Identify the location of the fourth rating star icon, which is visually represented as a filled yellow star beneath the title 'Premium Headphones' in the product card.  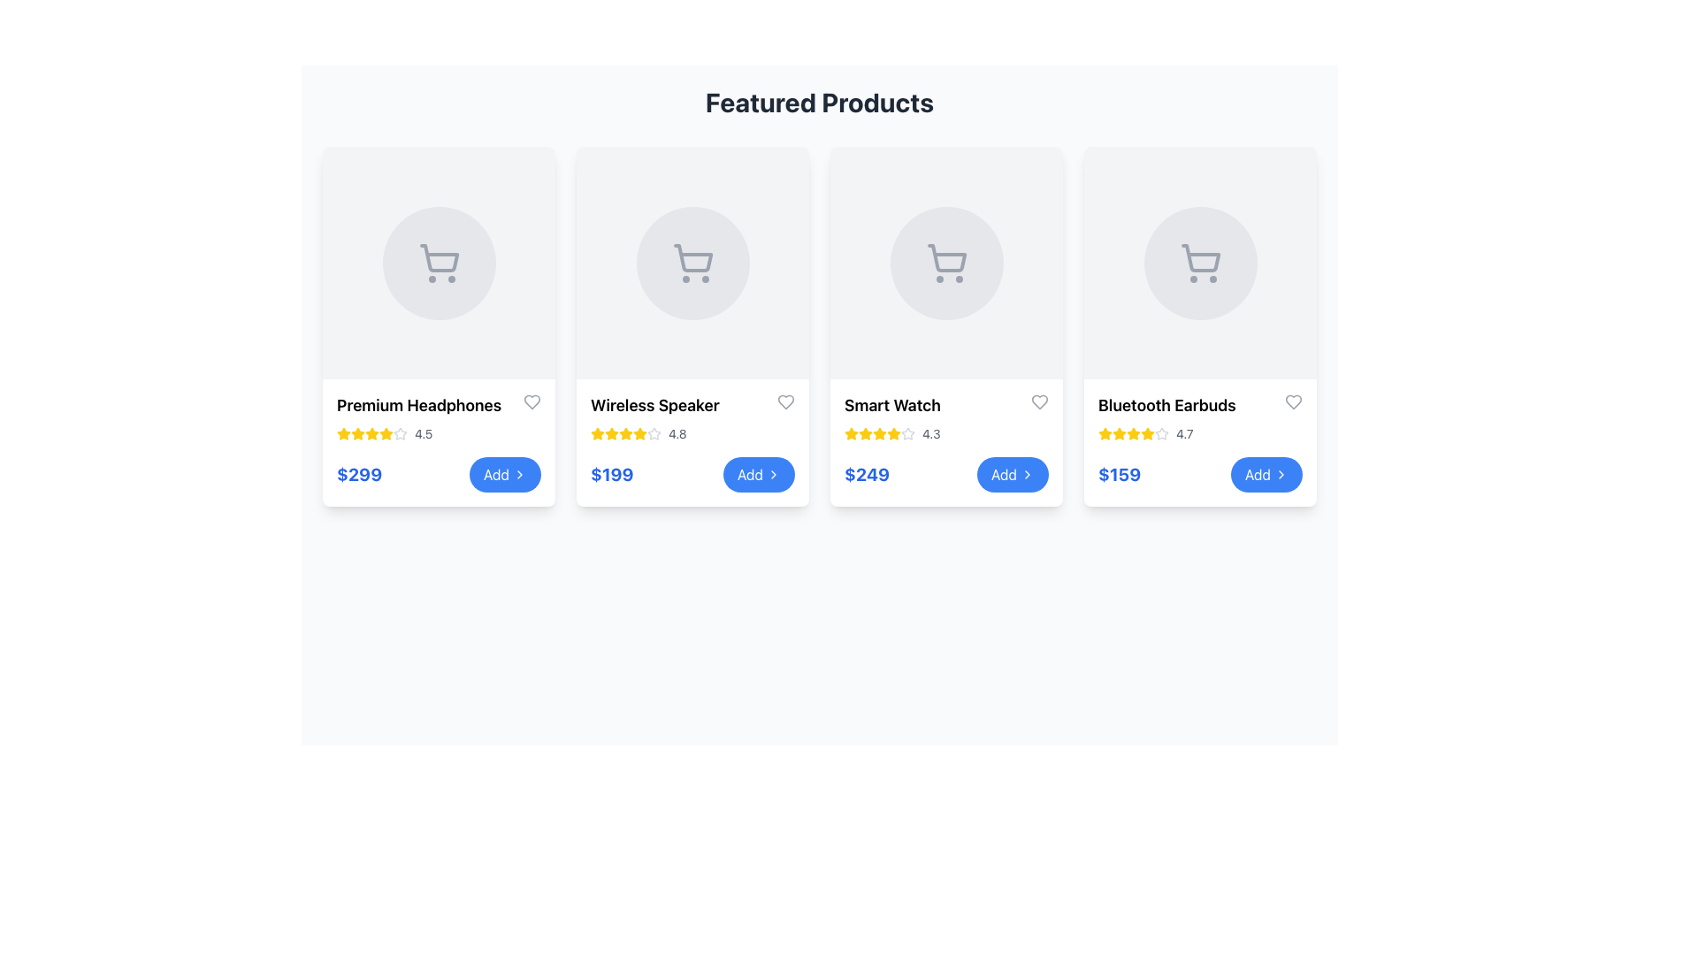
(371, 433).